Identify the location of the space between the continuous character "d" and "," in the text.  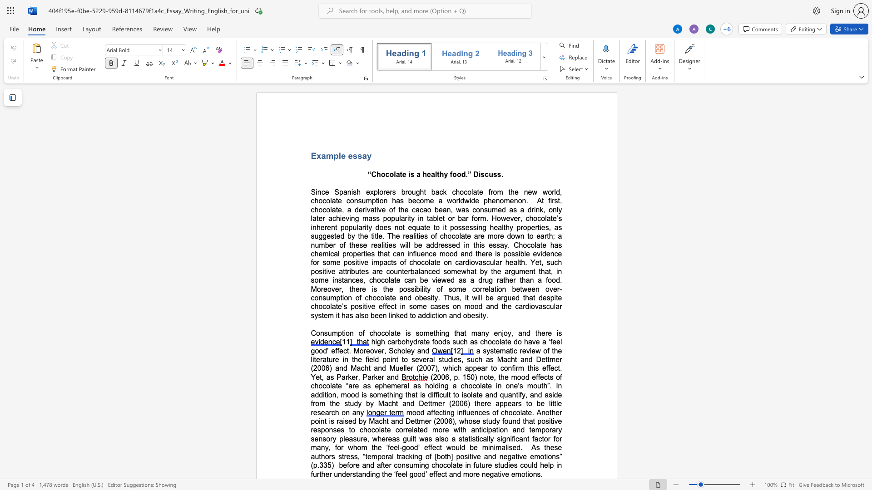
(559, 191).